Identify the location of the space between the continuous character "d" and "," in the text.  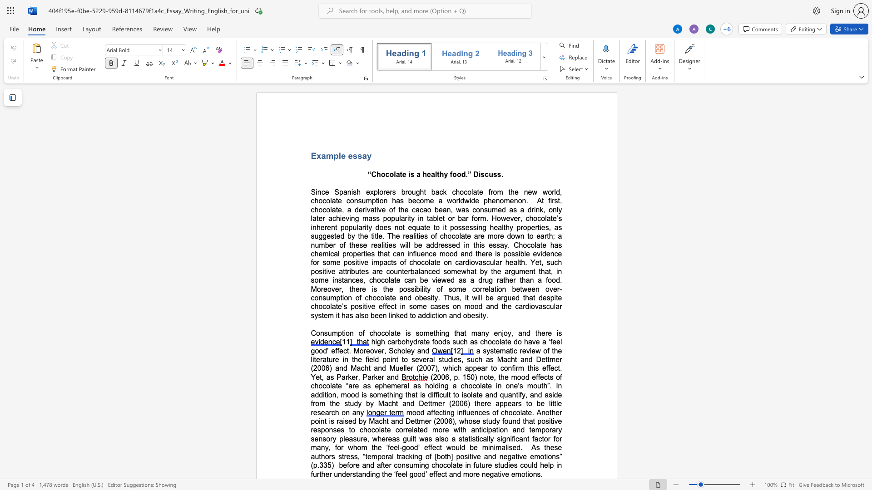
(559, 191).